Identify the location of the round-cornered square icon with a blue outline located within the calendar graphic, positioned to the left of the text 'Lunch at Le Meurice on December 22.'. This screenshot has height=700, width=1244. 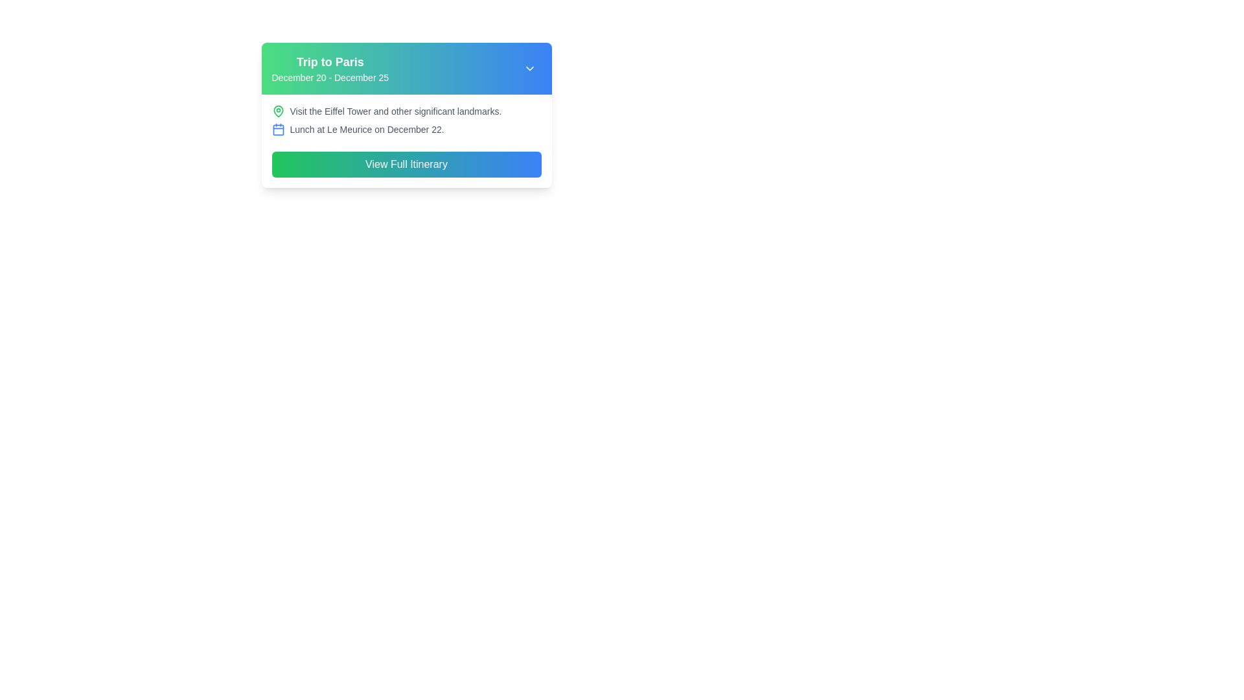
(277, 130).